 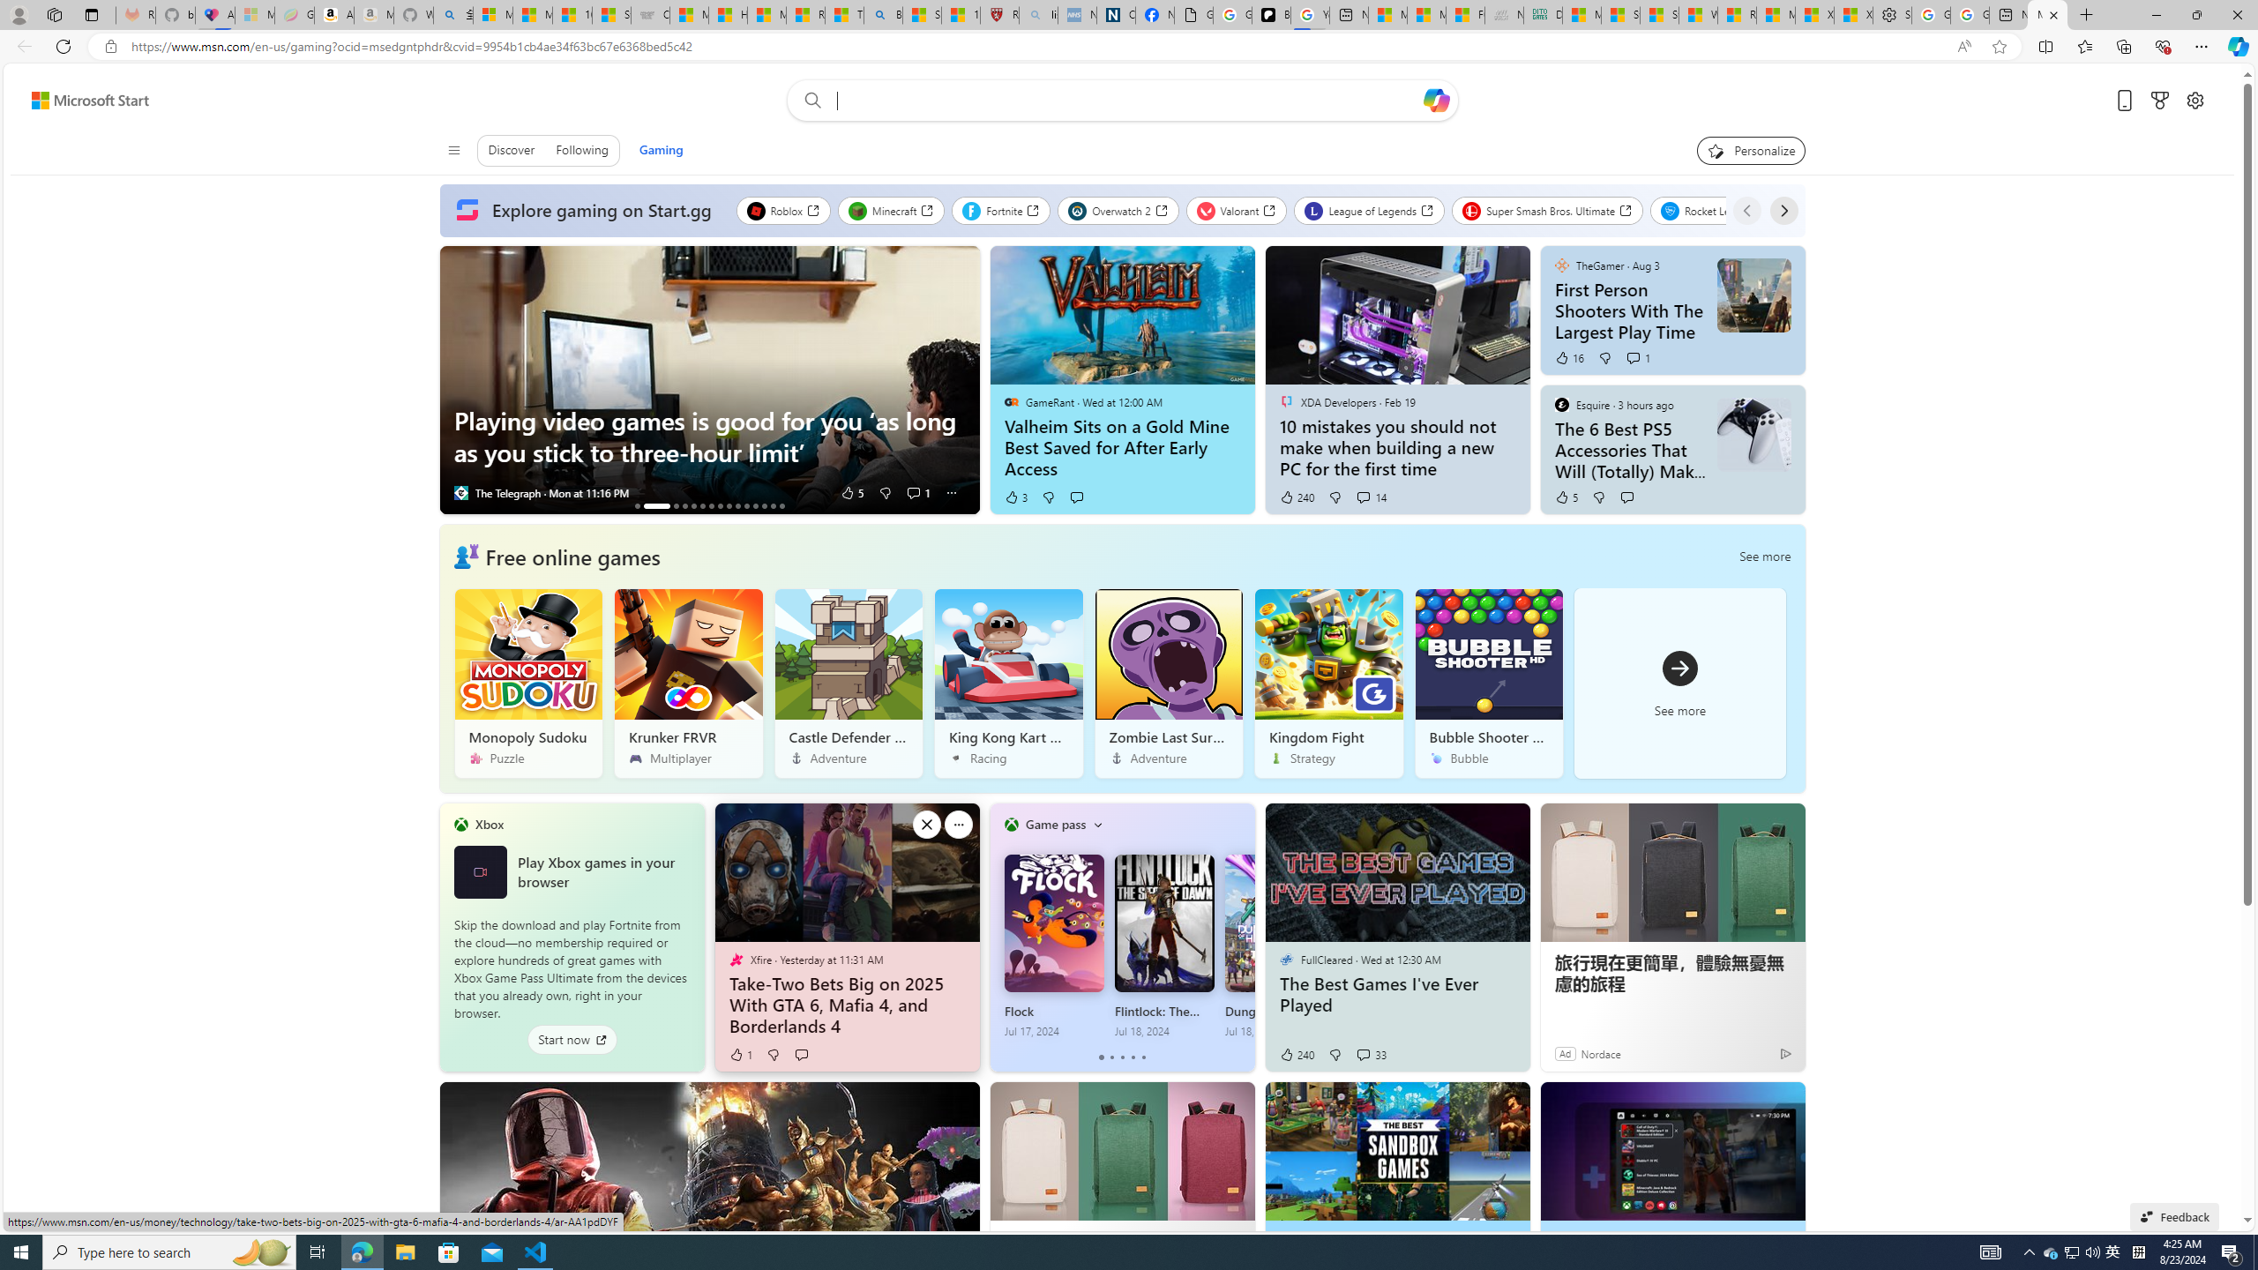 What do you see at coordinates (1464, 14) in the screenshot?
I see `'FOX News - MSN'` at bounding box center [1464, 14].